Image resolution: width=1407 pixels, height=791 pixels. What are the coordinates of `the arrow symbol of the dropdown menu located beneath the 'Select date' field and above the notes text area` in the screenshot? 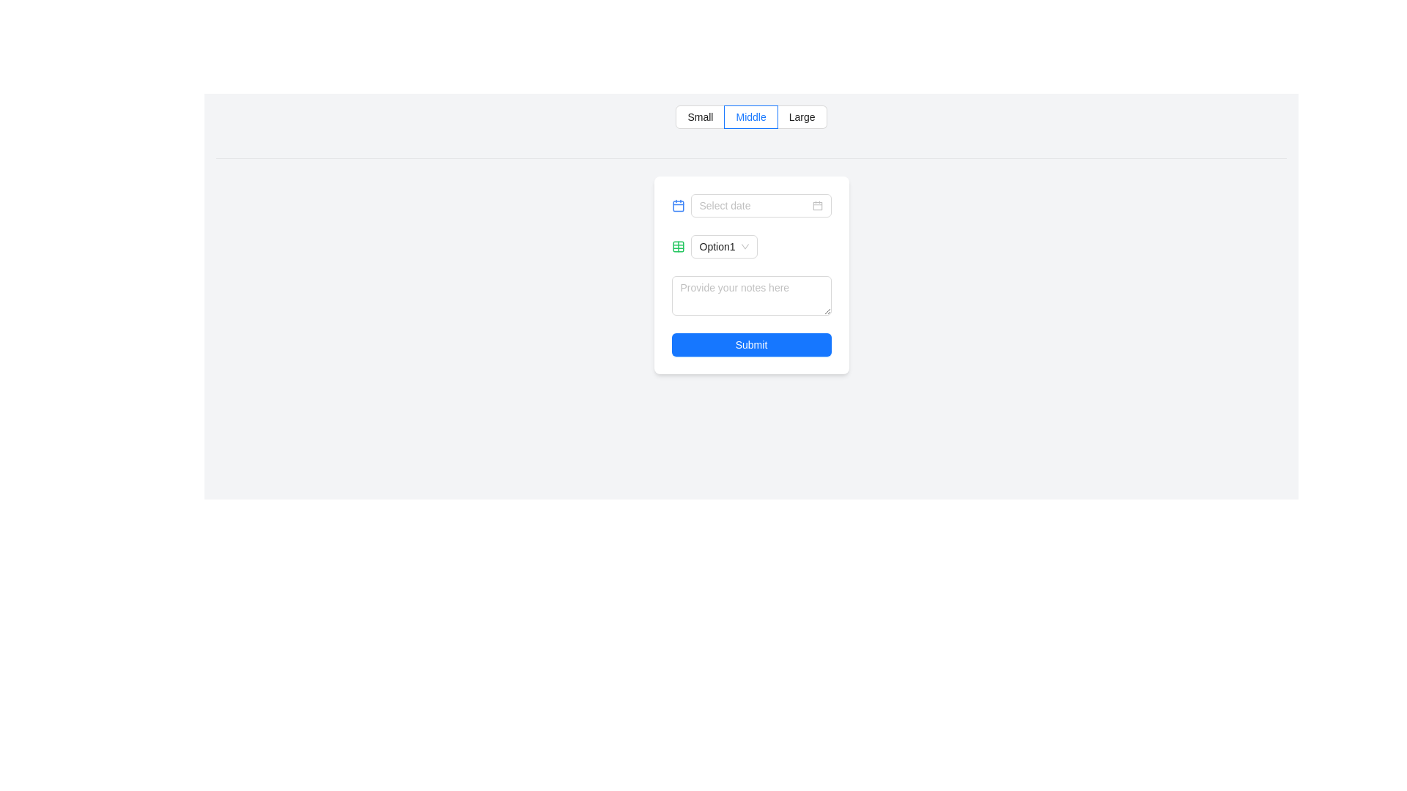 It's located at (724, 245).